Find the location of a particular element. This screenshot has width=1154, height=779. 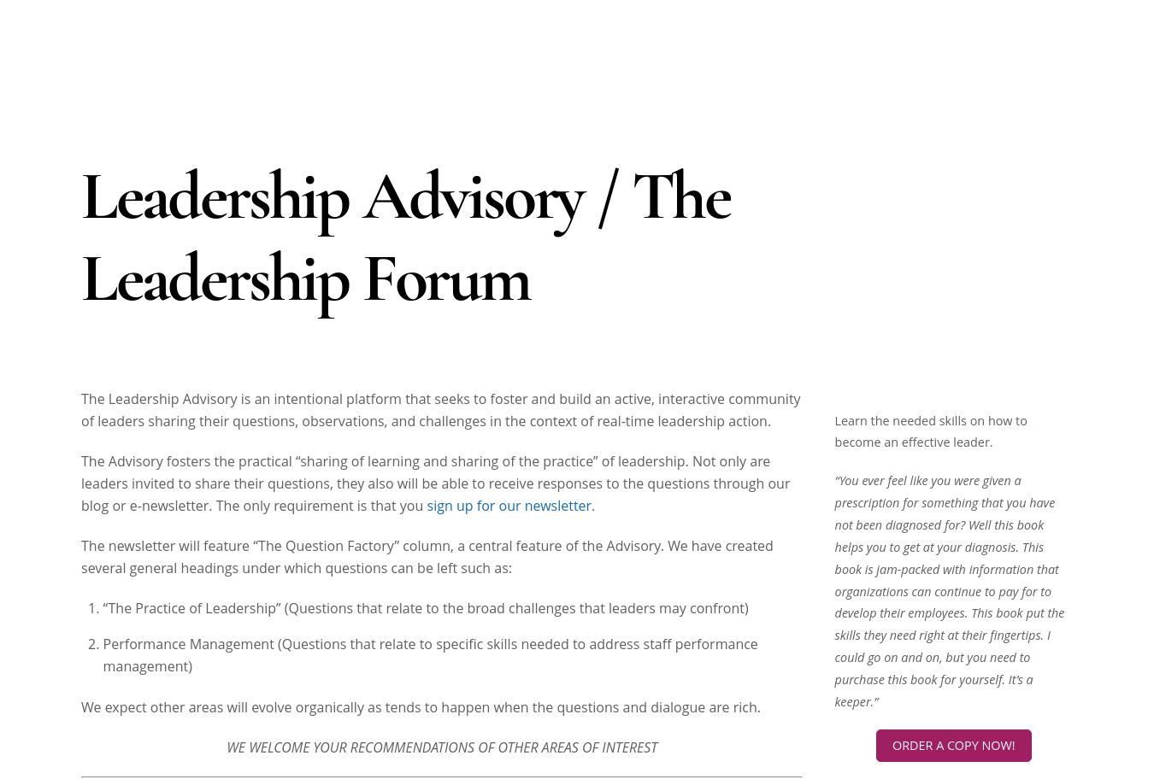

'Aloha,' is located at coordinates (100, 735).